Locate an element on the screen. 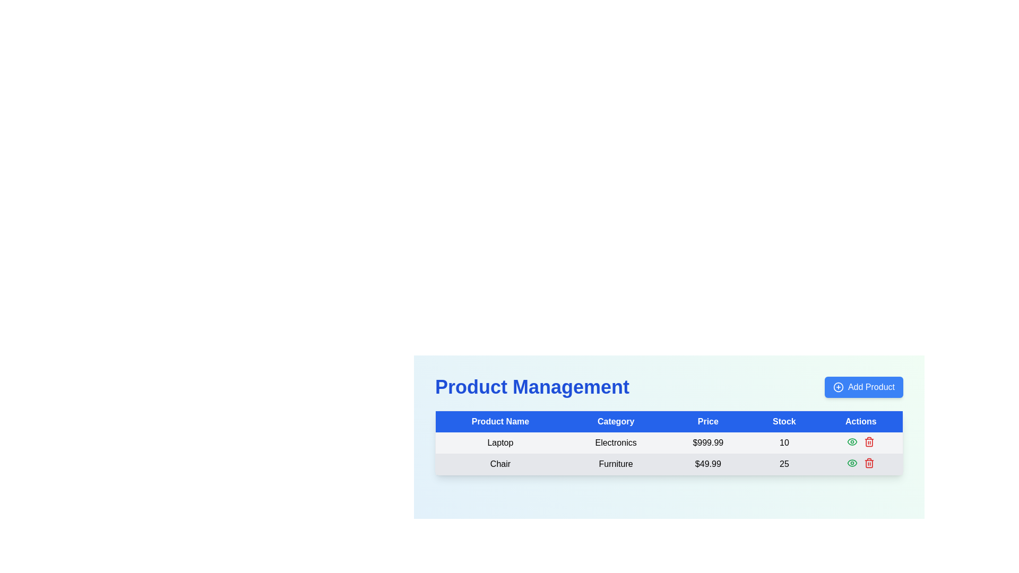 This screenshot has width=1019, height=573. the trash bin icon button, which is styled with a red color scheme and indicates a deletion action, located in the last column of the first row under the 'Actions' header to observe tooltip information is located at coordinates (869, 442).